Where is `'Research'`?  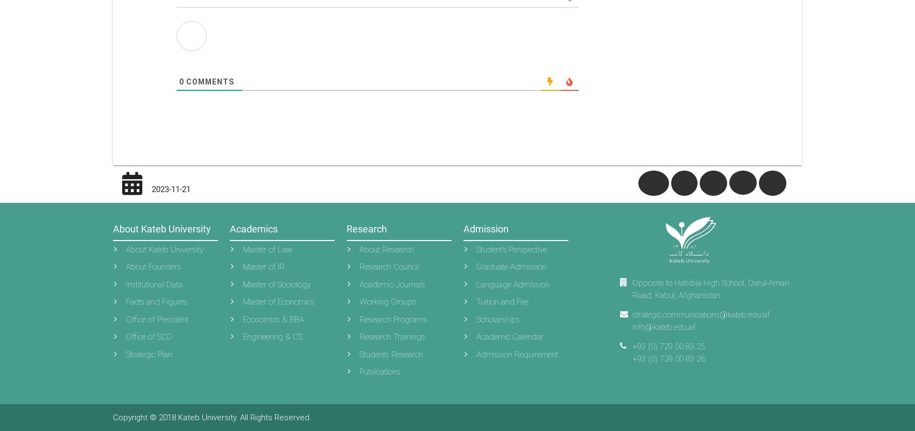
'Research' is located at coordinates (367, 228).